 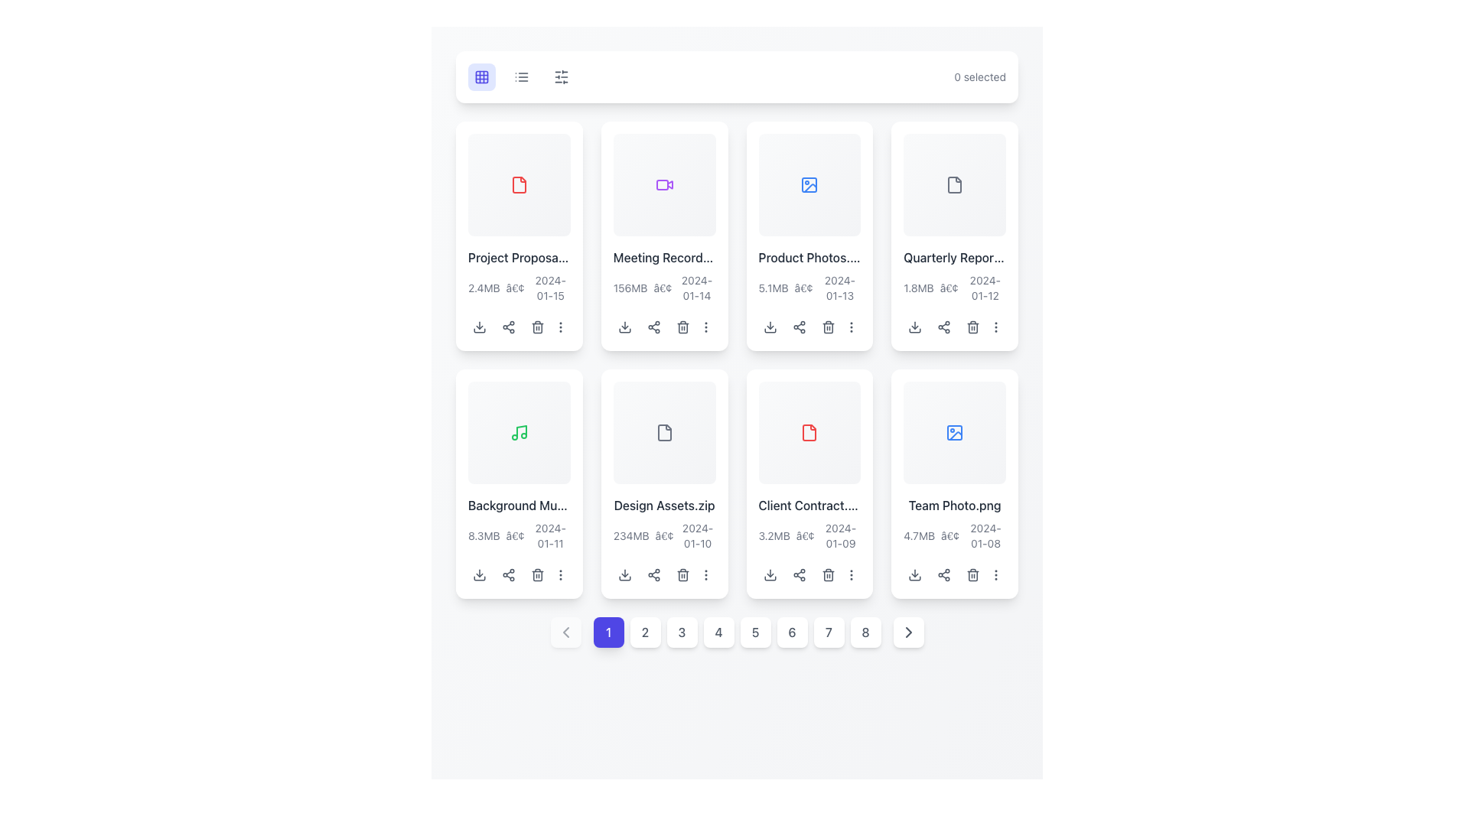 I want to click on the Image Placeholder element, which is a square area with a gradient background and an image representation icon at its center, located within the fifth card of the file grid, so click(x=954, y=432).